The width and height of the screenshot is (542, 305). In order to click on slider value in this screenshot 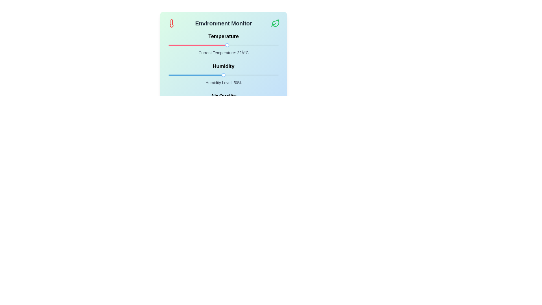, I will do `click(248, 75)`.